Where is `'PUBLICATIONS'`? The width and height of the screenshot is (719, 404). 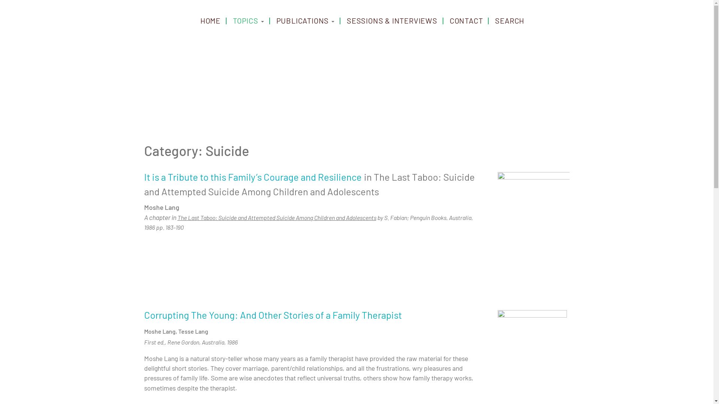
'PUBLICATIONS' is located at coordinates (305, 20).